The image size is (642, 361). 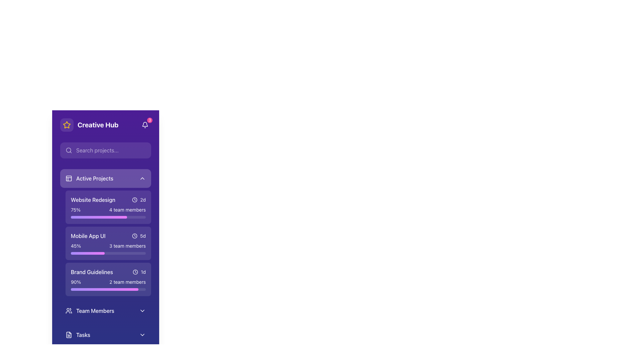 I want to click on the label displaying '3 team members', which is styled in white on a purple background and is part of the card labeled 'Mobile App UI' under 'Active Projects', so click(x=127, y=246).